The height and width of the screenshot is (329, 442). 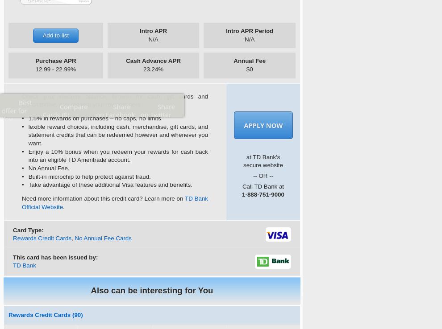 What do you see at coordinates (109, 185) in the screenshot?
I see `'Take advantage of these additional Visa features and benefits.'` at bounding box center [109, 185].